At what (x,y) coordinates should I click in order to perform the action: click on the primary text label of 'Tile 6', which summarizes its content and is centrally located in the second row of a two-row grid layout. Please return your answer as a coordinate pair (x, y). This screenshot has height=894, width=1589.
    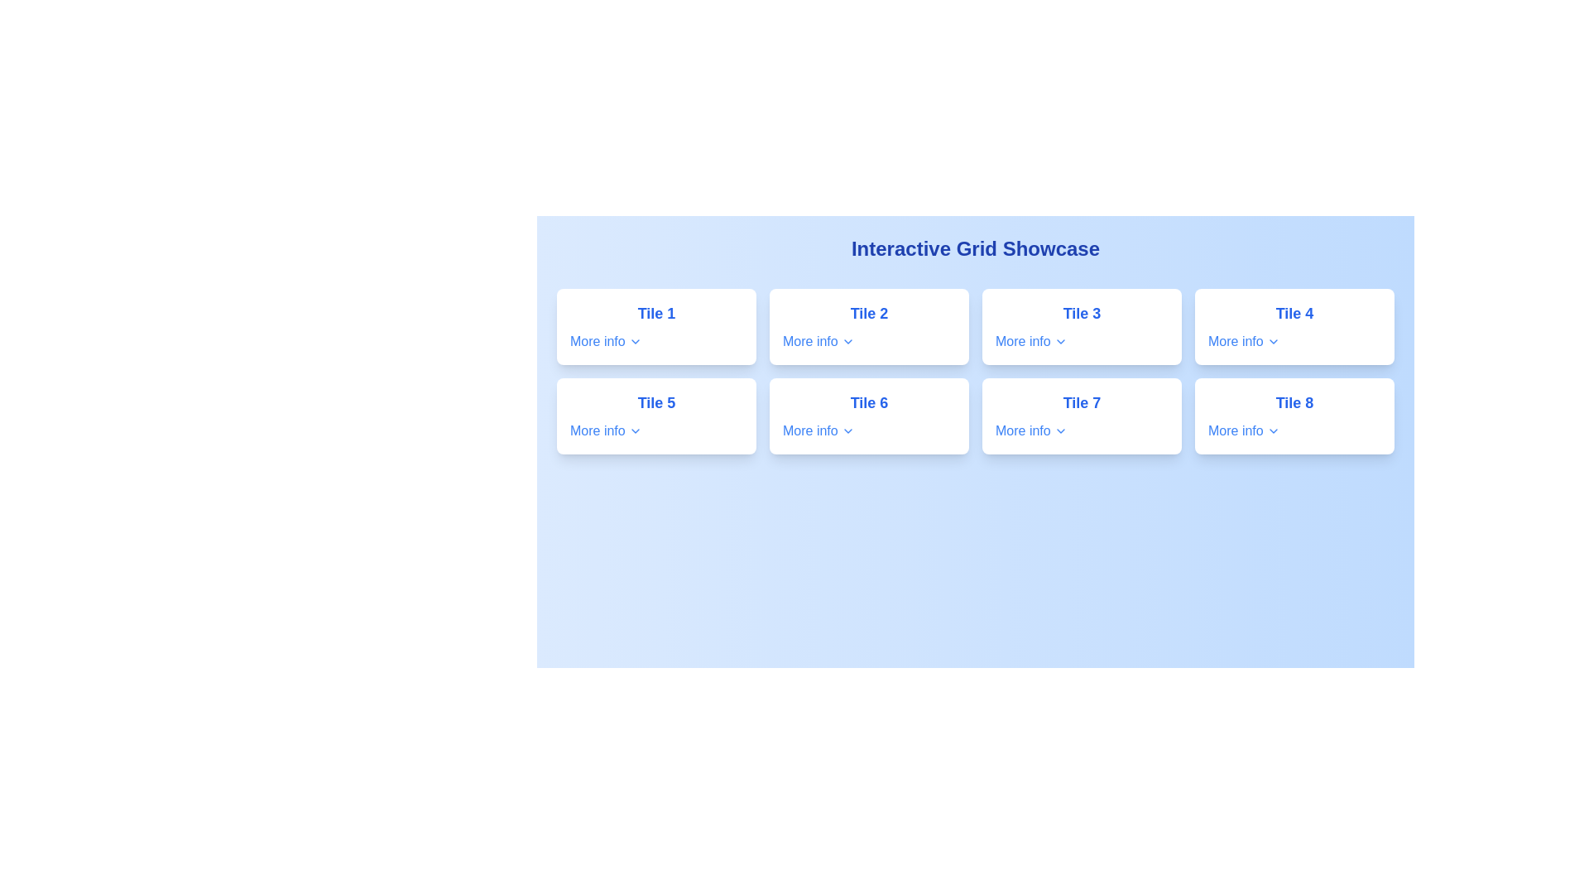
    Looking at the image, I should click on (868, 402).